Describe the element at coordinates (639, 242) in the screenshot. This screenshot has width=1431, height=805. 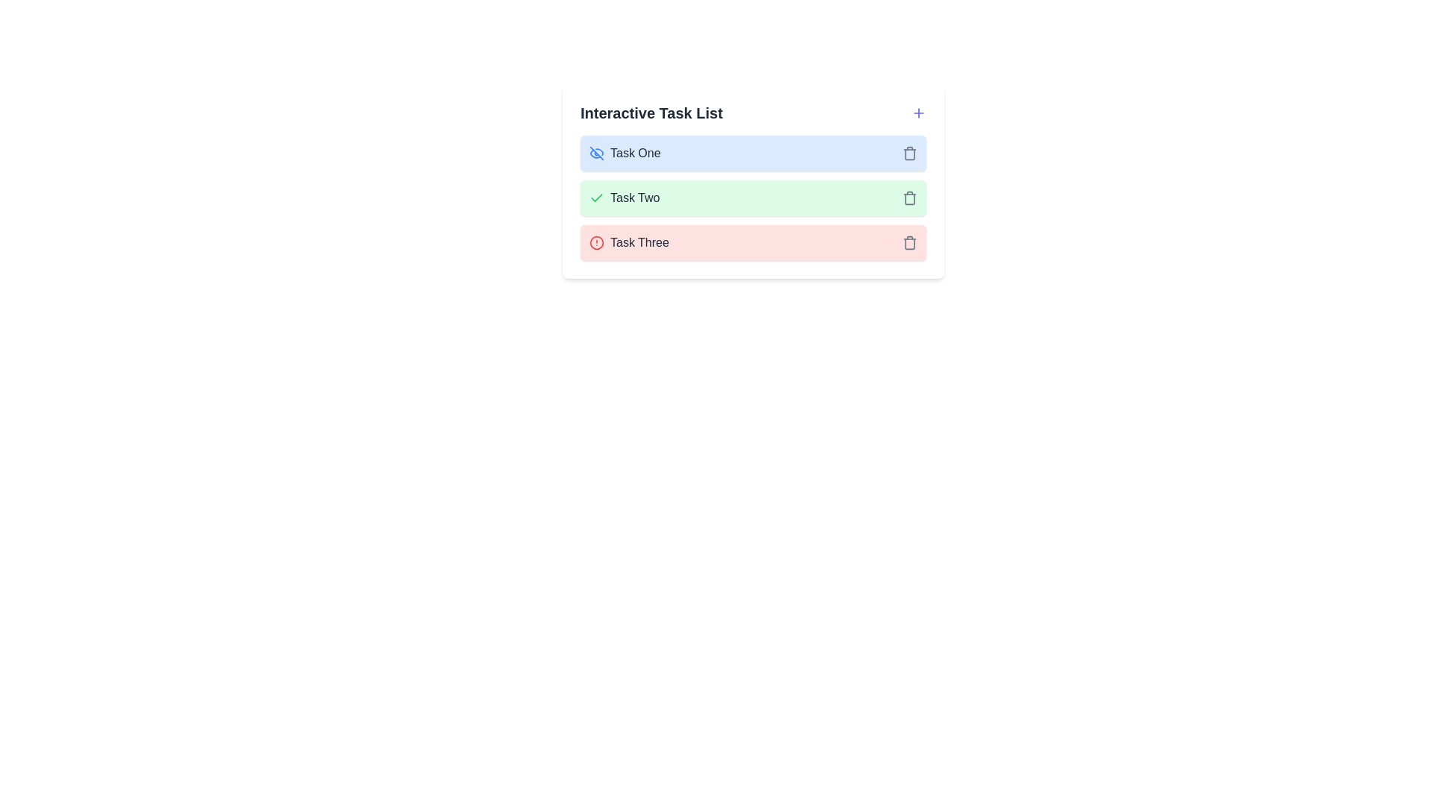
I see `the text label displaying 'Task Three' which is part of the 'Interactive Task List' and is highlighted with a red background, indicating a potential error or warning` at that location.